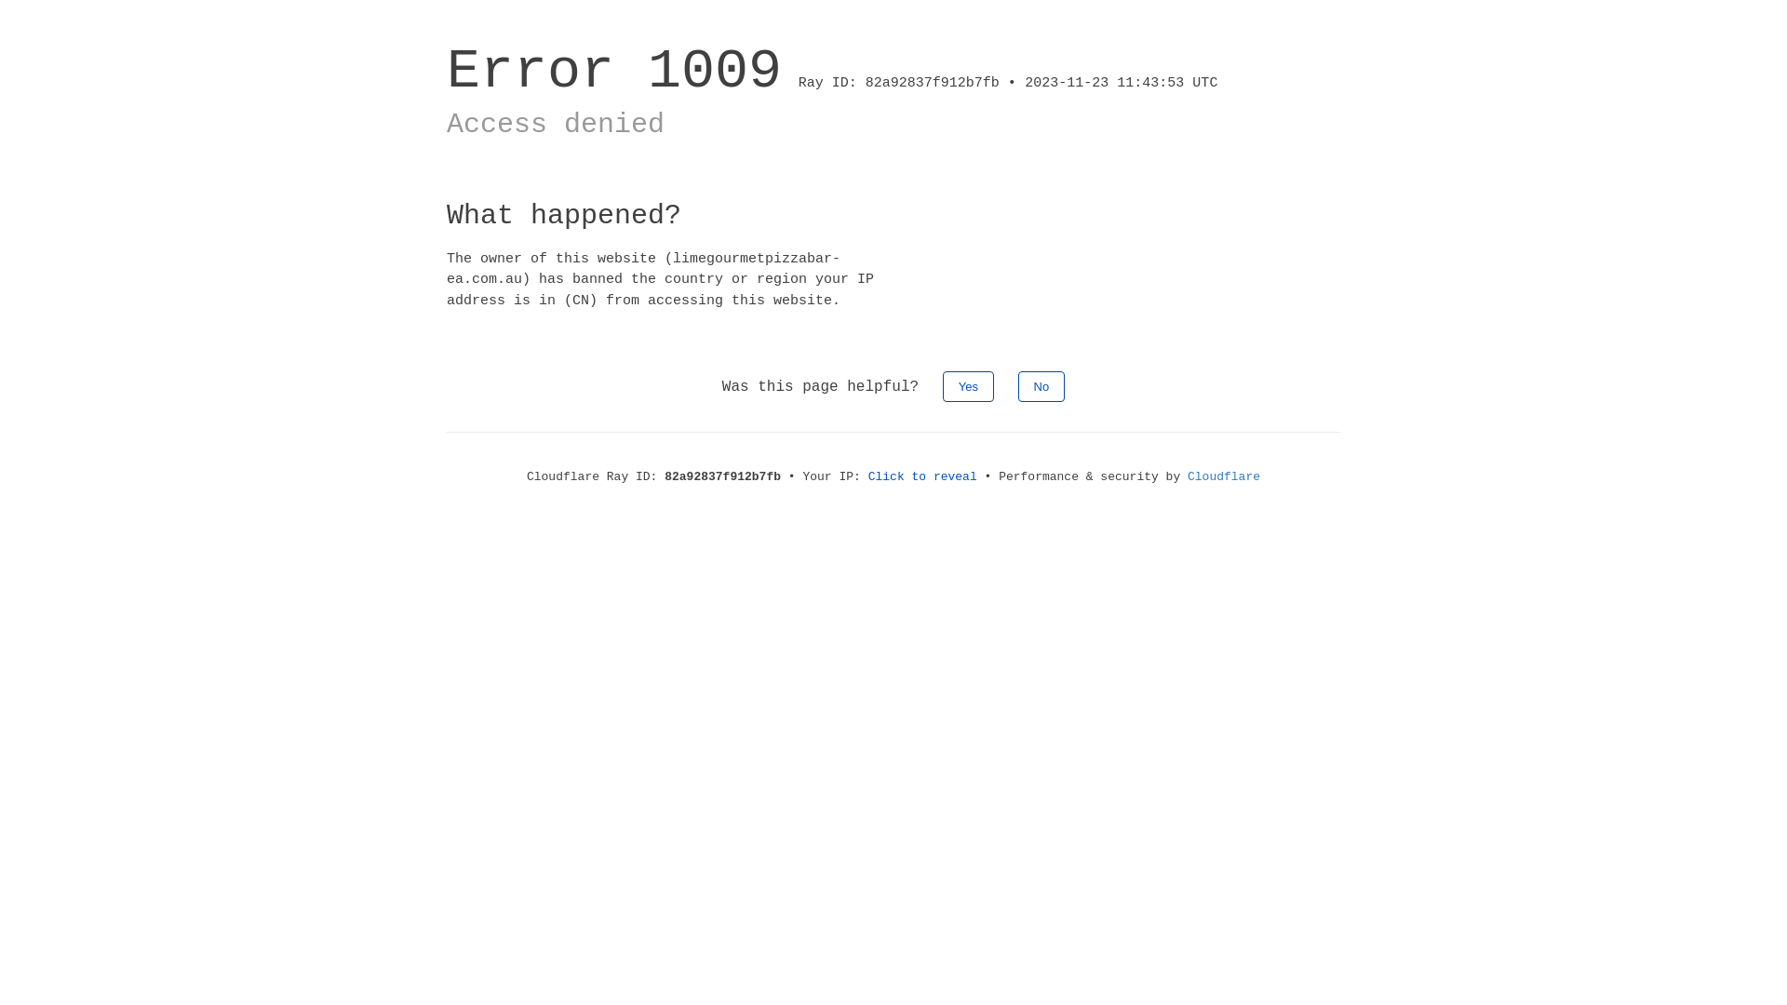  What do you see at coordinates (942, 385) in the screenshot?
I see `'Yes'` at bounding box center [942, 385].